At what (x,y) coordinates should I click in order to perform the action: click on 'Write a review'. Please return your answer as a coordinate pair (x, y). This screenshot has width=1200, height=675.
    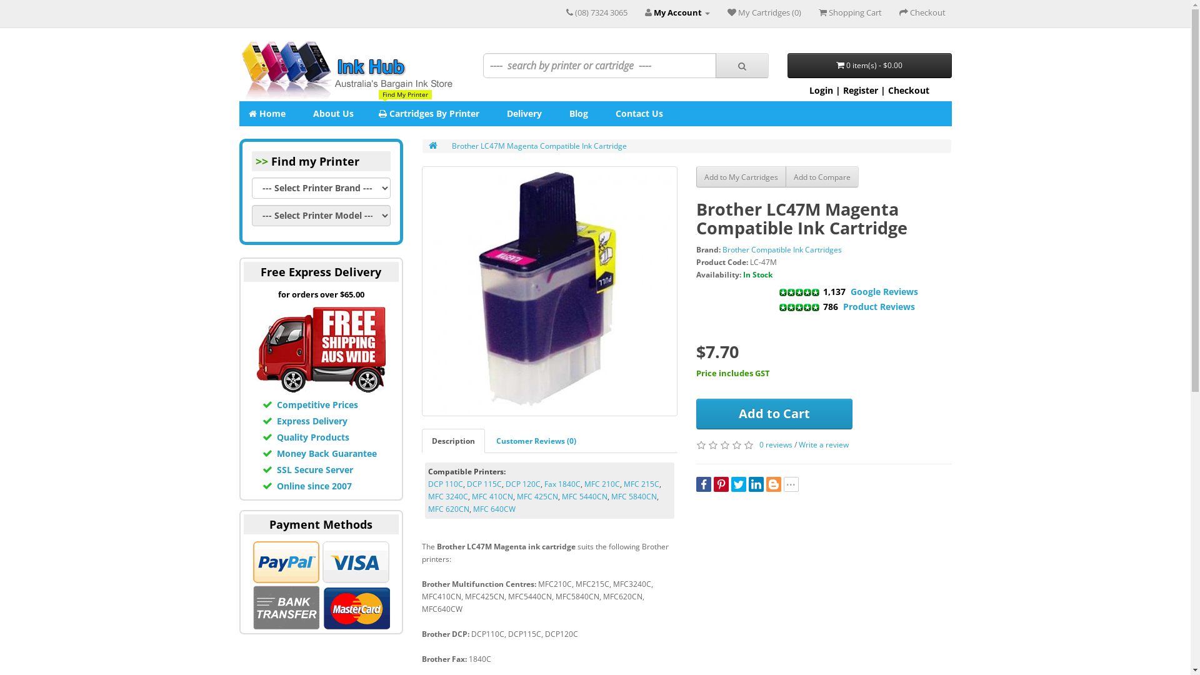
    Looking at the image, I should click on (824, 444).